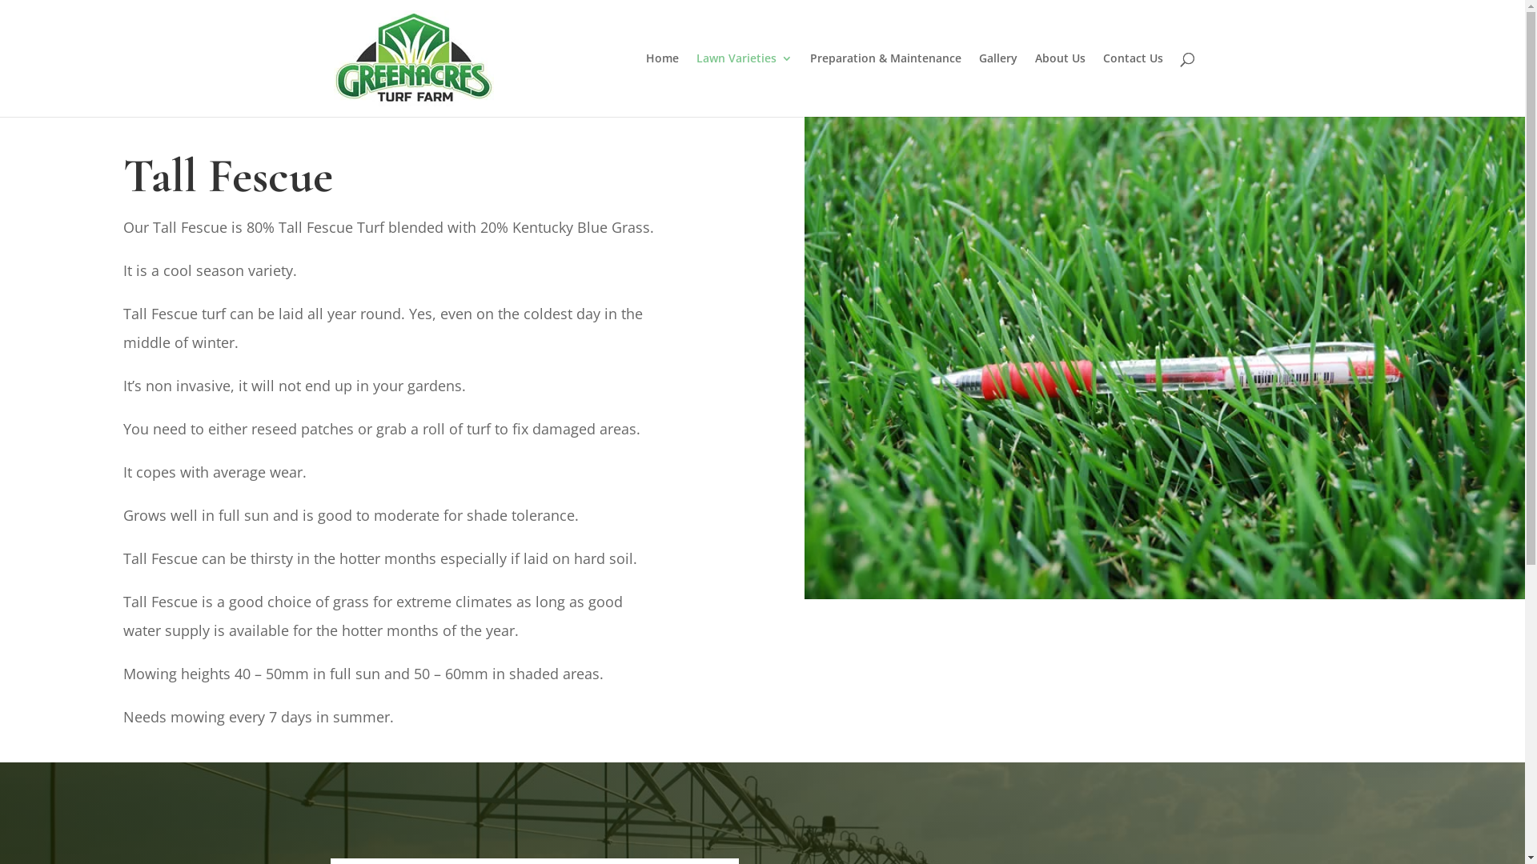 Image resolution: width=1537 pixels, height=864 pixels. Describe the element at coordinates (696, 84) in the screenshot. I see `'Lawn Varieties'` at that location.